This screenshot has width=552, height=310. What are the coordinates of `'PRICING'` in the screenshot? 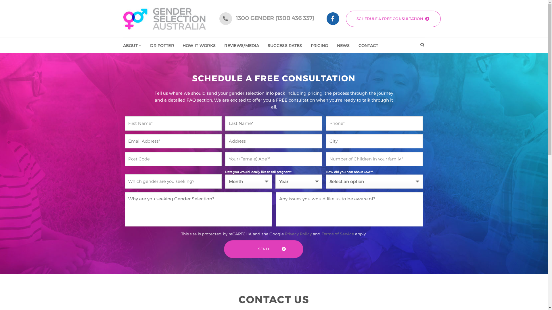 It's located at (319, 45).